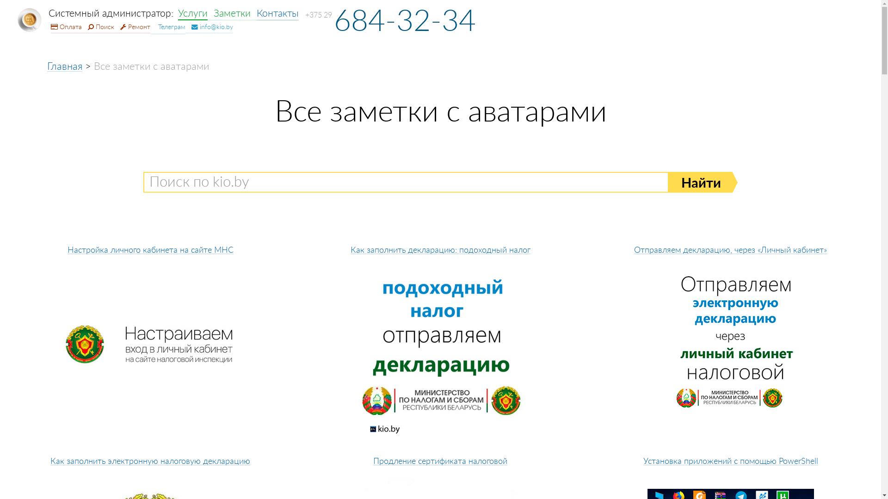 Image resolution: width=888 pixels, height=499 pixels. I want to click on ' info@kio.by', so click(209, 26).